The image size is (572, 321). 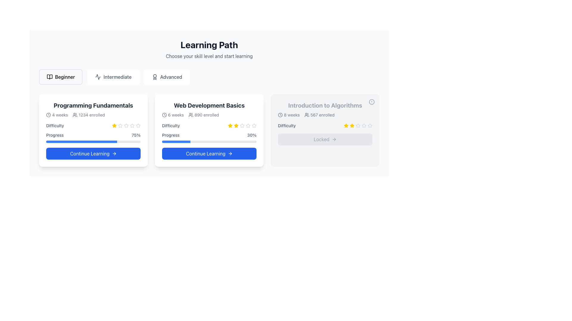 I want to click on the second gray star in the rating system of the 'Web Development Basics' card to rate it, so click(x=242, y=125).